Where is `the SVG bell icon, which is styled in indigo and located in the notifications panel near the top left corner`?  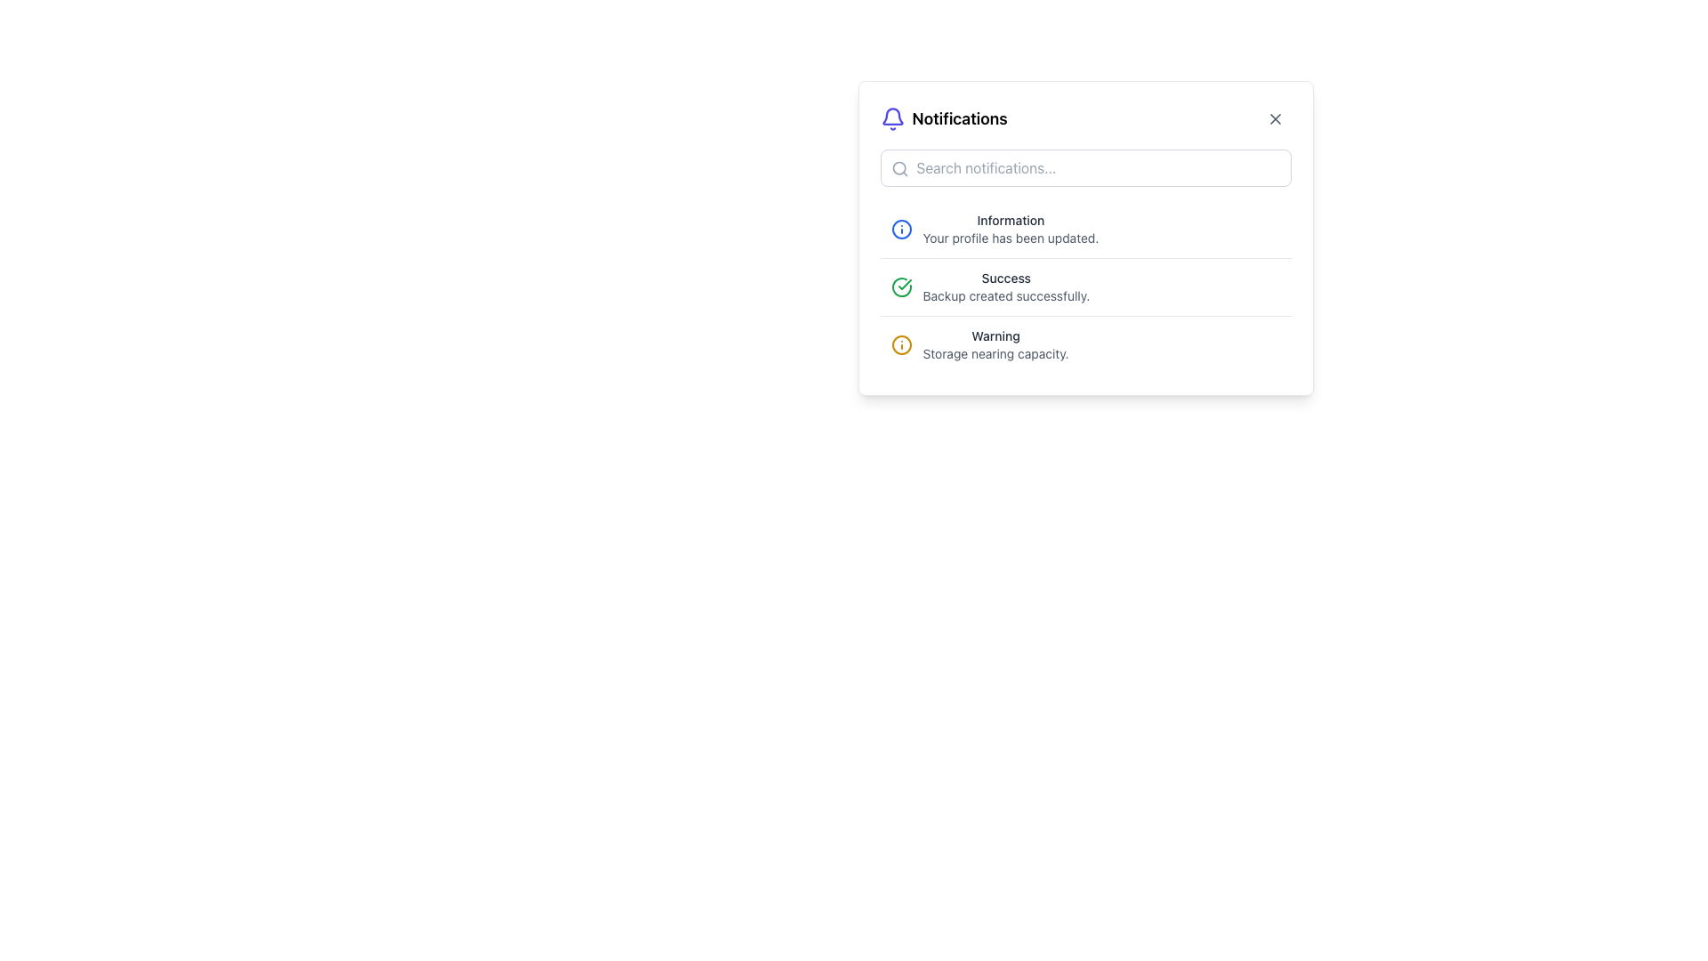
the SVG bell icon, which is styled in indigo and located in the notifications panel near the top left corner is located at coordinates (892, 117).